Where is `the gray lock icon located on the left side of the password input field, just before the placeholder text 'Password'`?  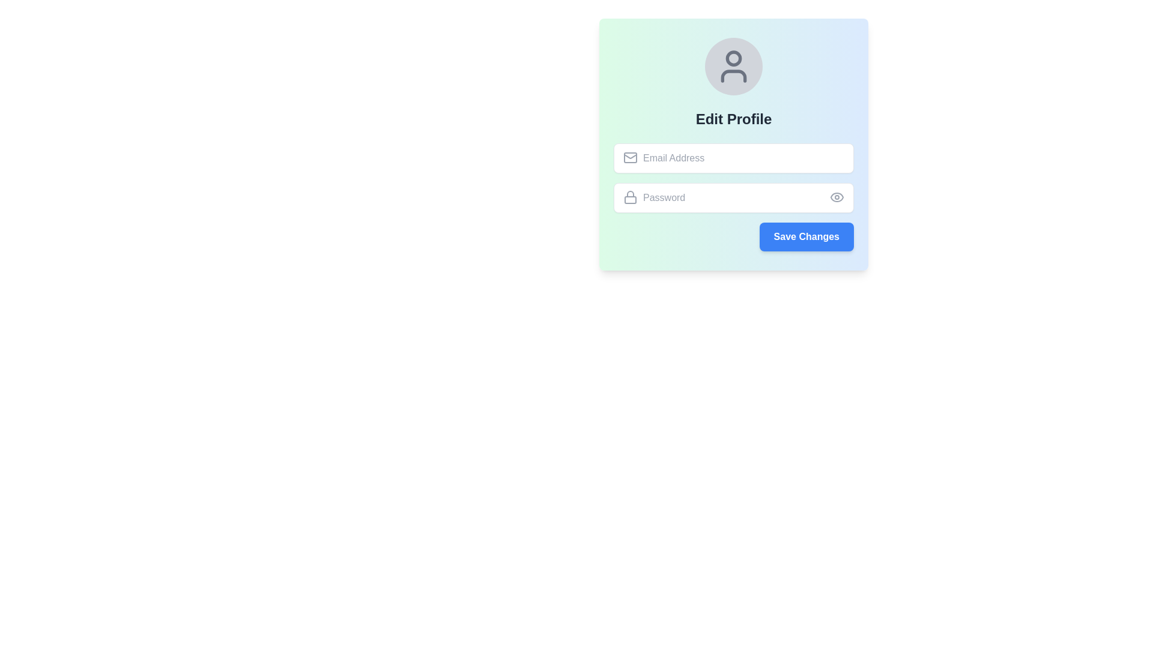 the gray lock icon located on the left side of the password input field, just before the placeholder text 'Password' is located at coordinates (630, 196).